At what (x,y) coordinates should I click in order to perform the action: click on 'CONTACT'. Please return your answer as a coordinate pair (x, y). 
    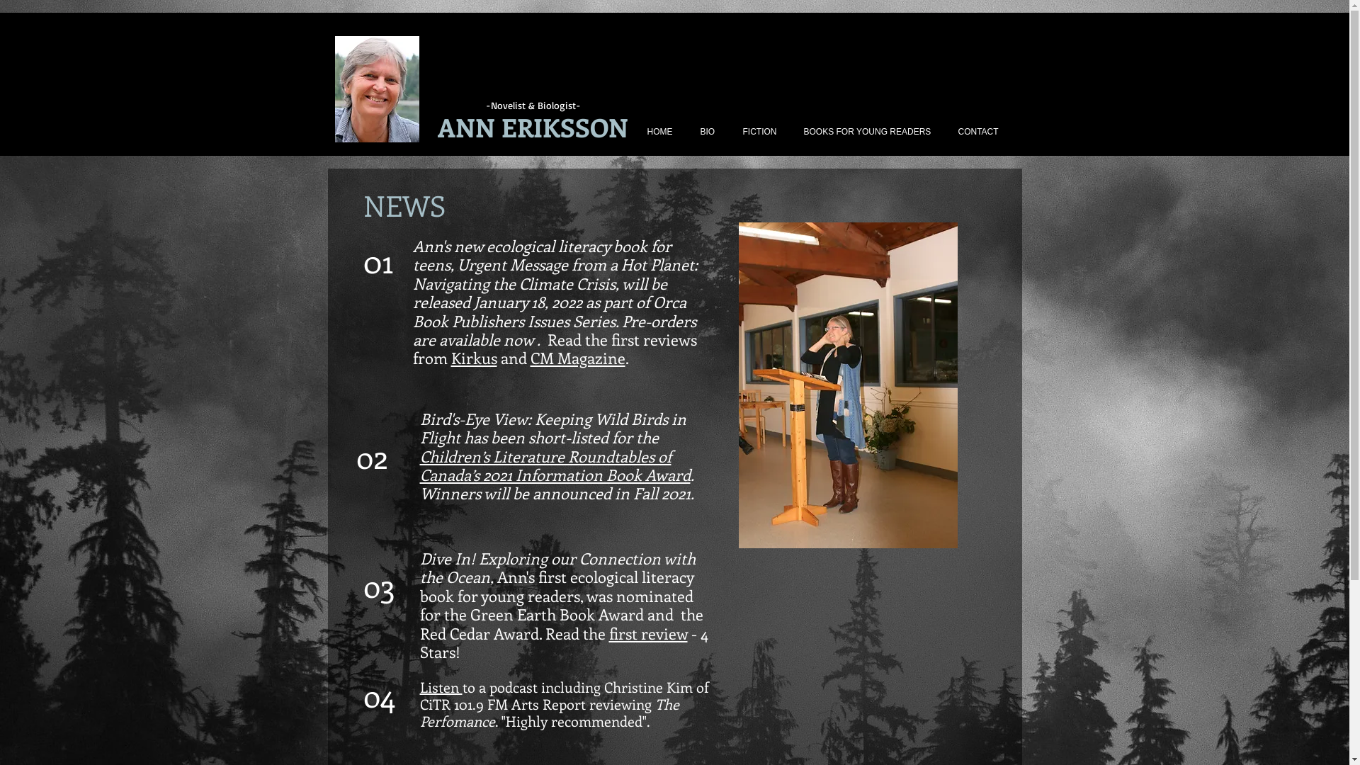
    Looking at the image, I should click on (951, 132).